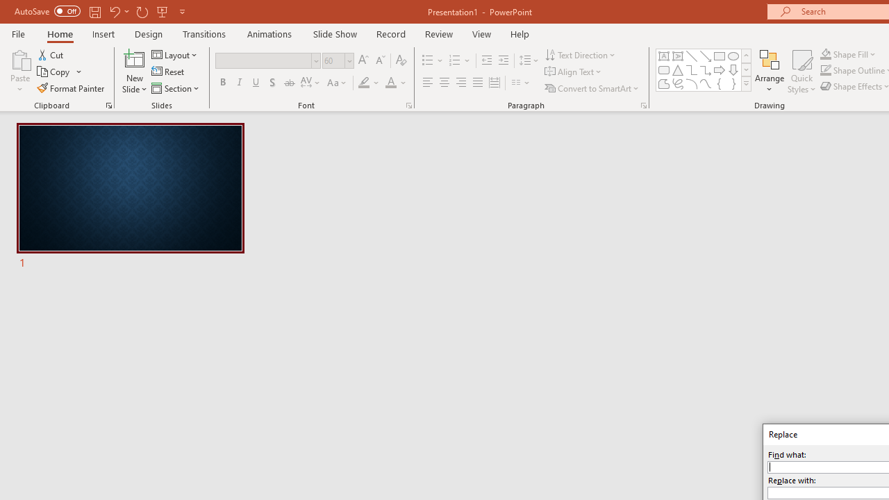 Image resolution: width=889 pixels, height=500 pixels. Describe the element at coordinates (678, 83) in the screenshot. I see `'Freeform: Scribble'` at that location.